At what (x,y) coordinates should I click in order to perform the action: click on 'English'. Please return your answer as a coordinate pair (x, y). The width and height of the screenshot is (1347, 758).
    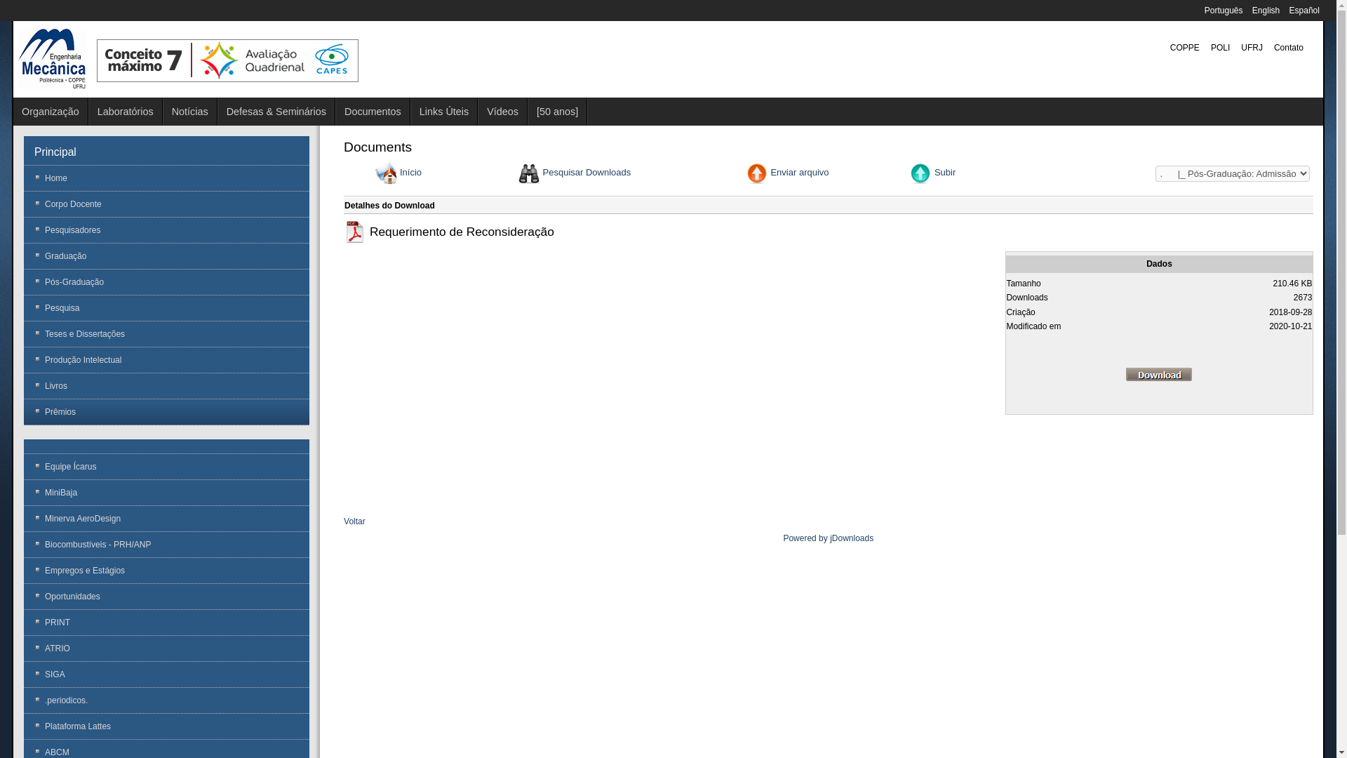
    Looking at the image, I should click on (1267, 11).